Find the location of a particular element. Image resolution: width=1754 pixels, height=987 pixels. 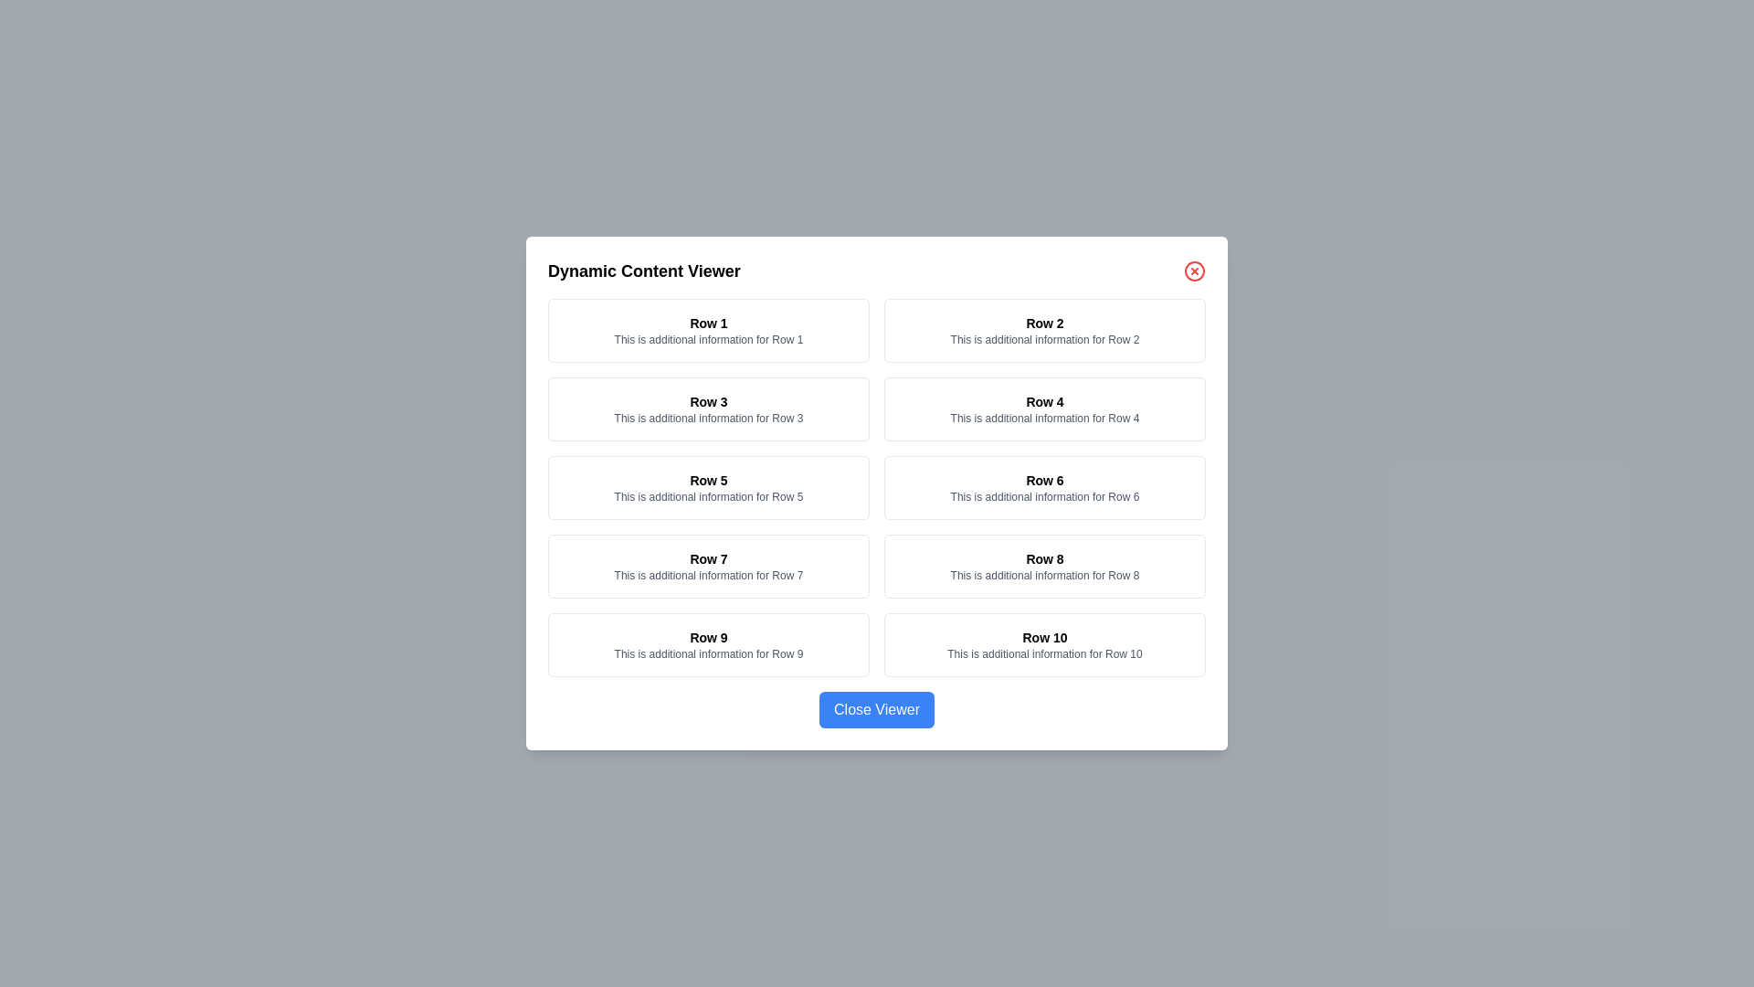

the close button at the top right of the dialog is located at coordinates (1195, 271).